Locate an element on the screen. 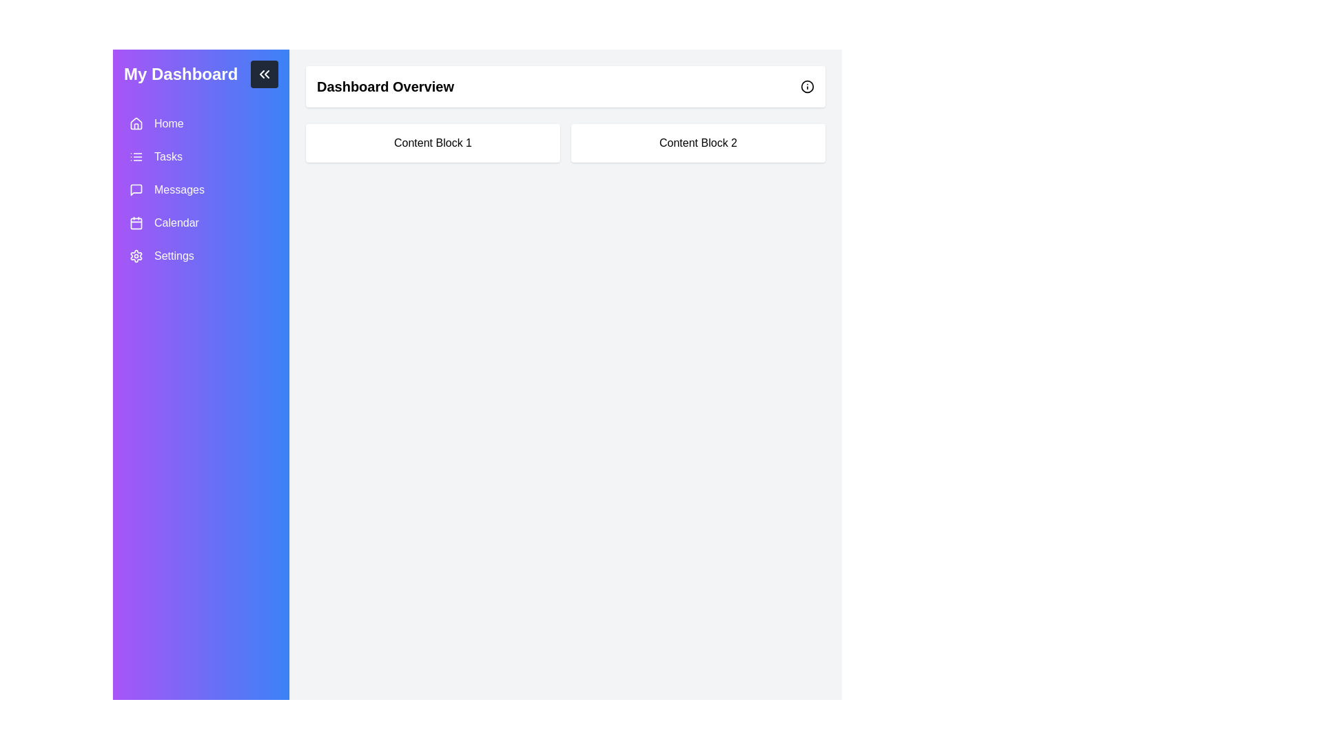  the 'Messages' icon, which is a square speech bubble with a tail located in the left vertical navigation menu between 'Tasks' and 'Calendar' is located at coordinates (136, 190).